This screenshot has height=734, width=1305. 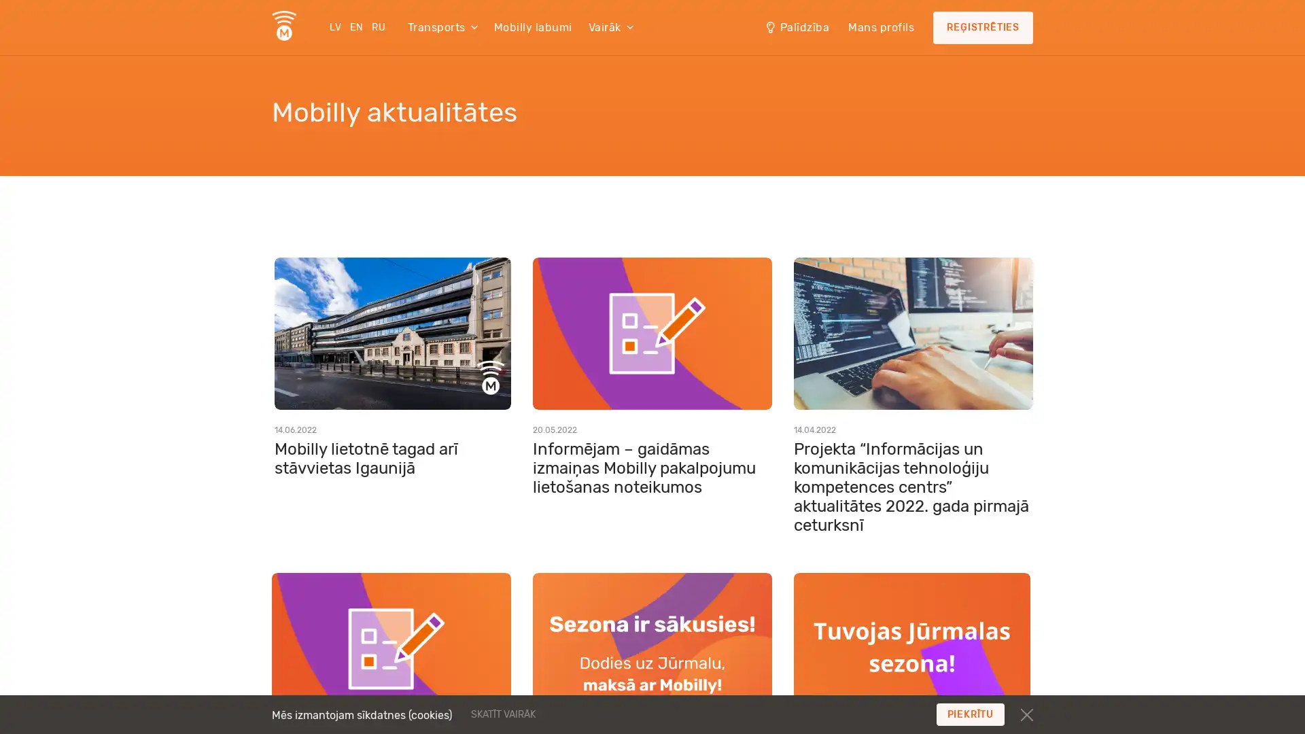 I want to click on PIEKRITU, so click(x=969, y=714).